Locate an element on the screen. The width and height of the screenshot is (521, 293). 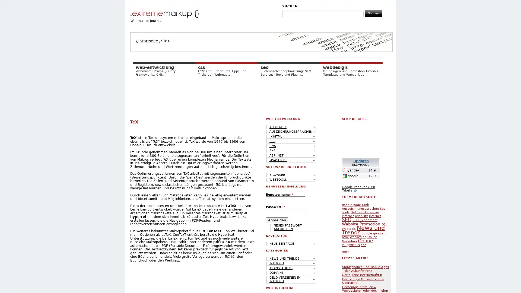
Anmelden is located at coordinates (277, 220).